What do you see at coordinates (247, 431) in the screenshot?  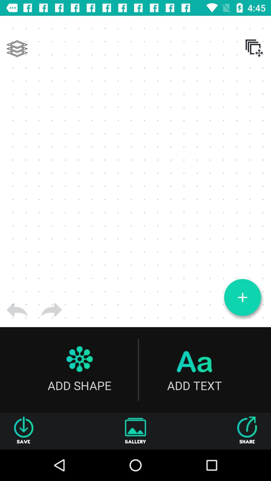 I see `the icon to the right of gallery` at bounding box center [247, 431].